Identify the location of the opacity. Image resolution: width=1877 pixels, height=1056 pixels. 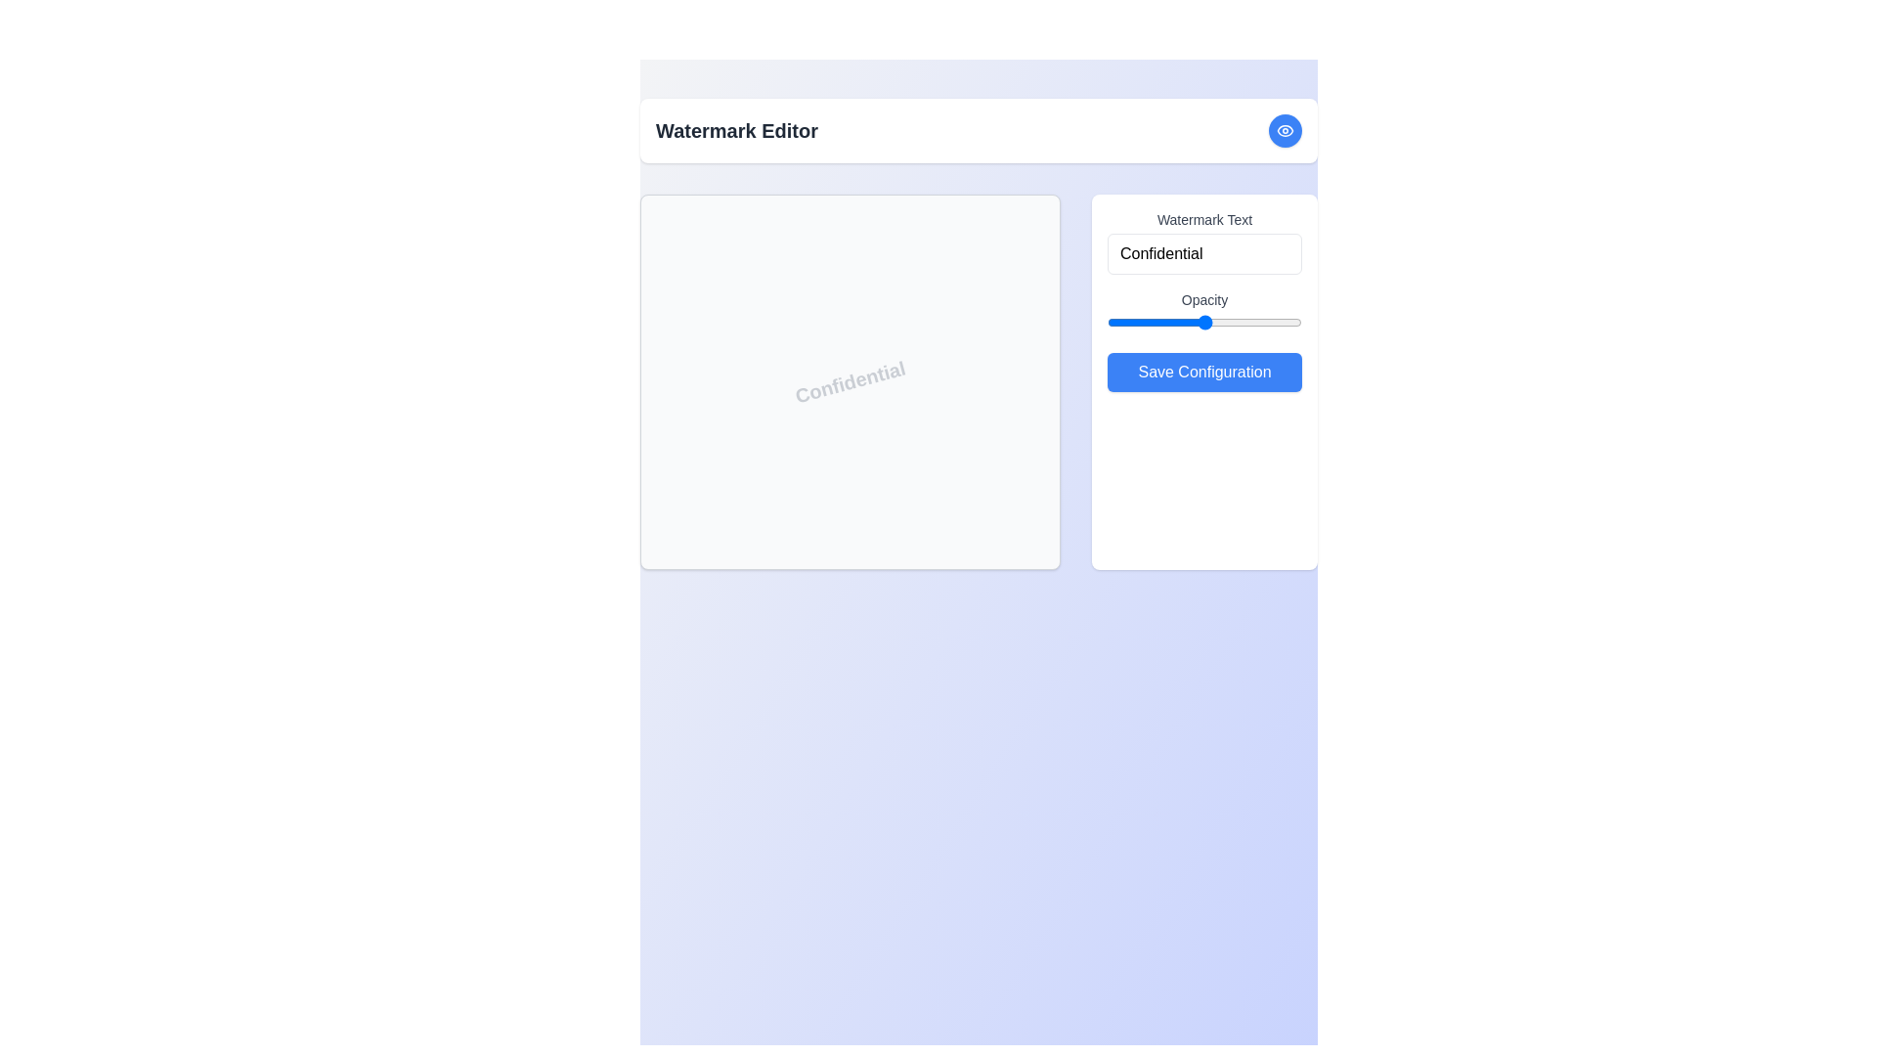
(1107, 322).